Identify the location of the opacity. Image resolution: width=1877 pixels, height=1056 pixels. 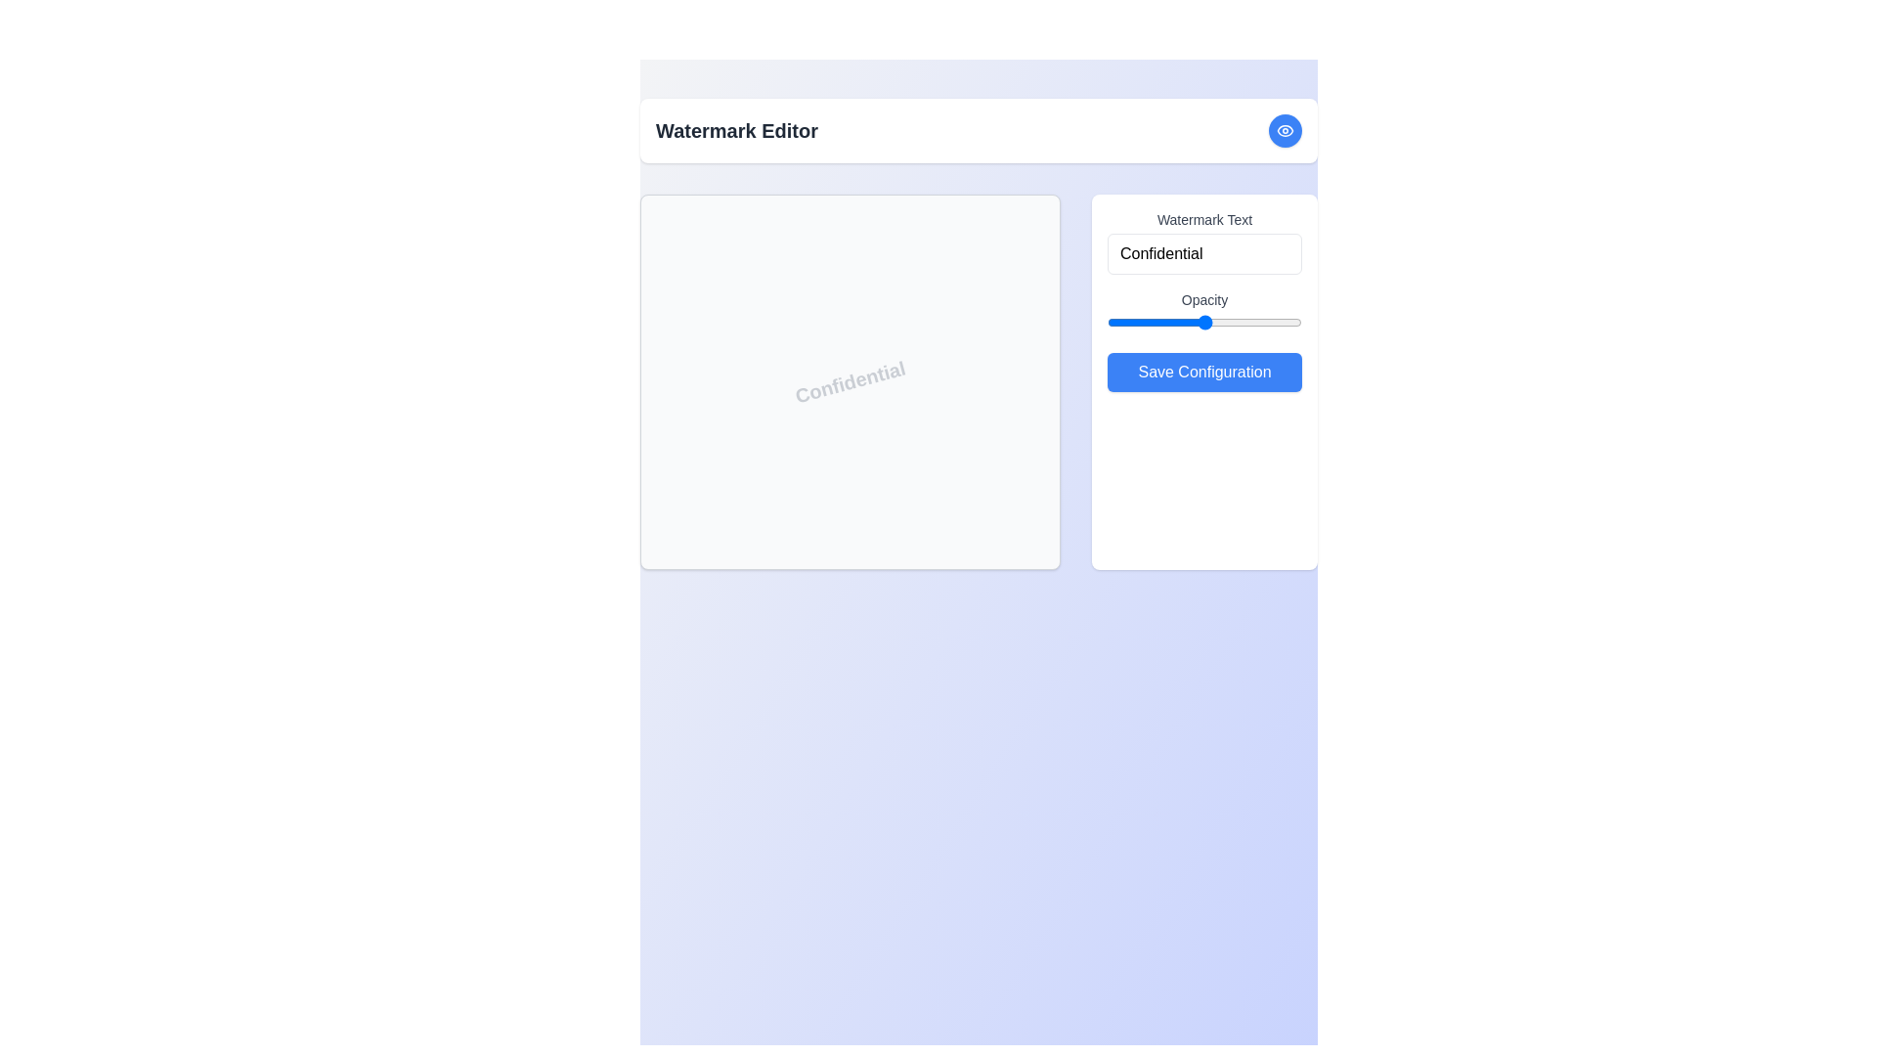
(1107, 322).